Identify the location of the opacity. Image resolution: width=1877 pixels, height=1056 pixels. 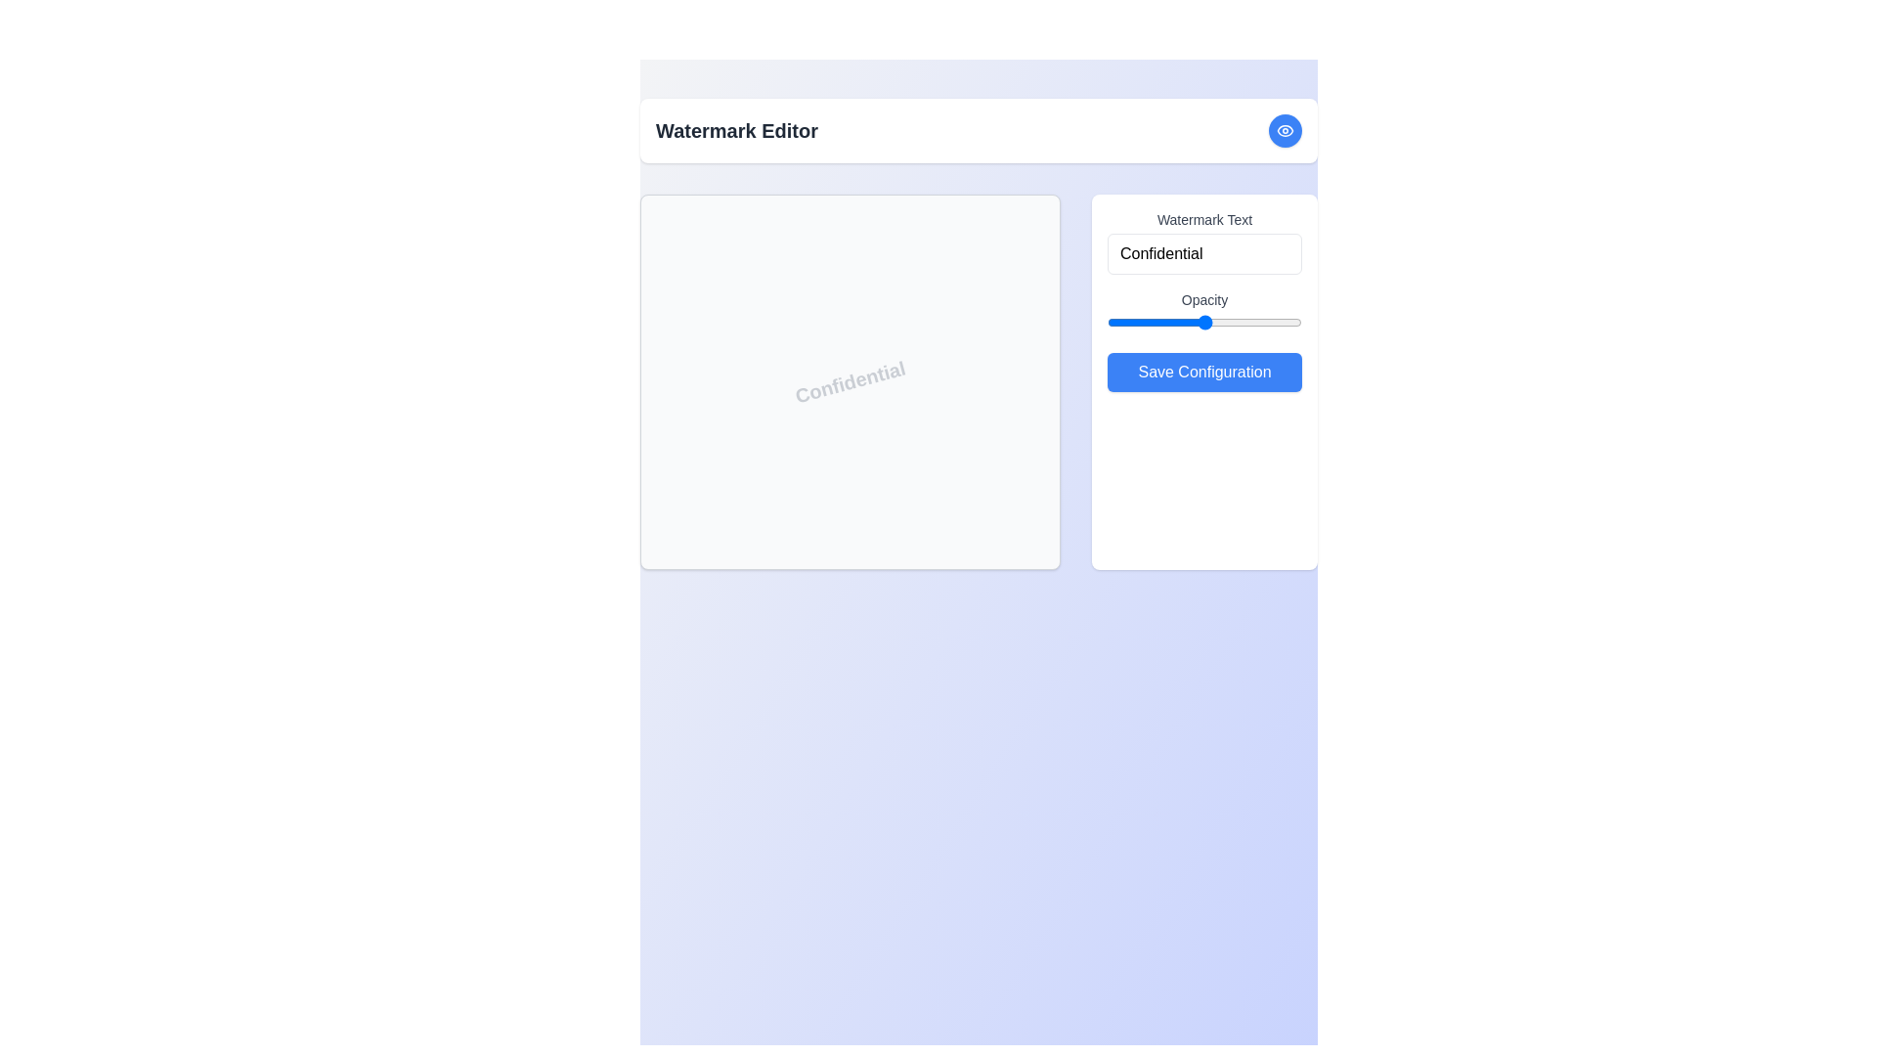
(1107, 322).